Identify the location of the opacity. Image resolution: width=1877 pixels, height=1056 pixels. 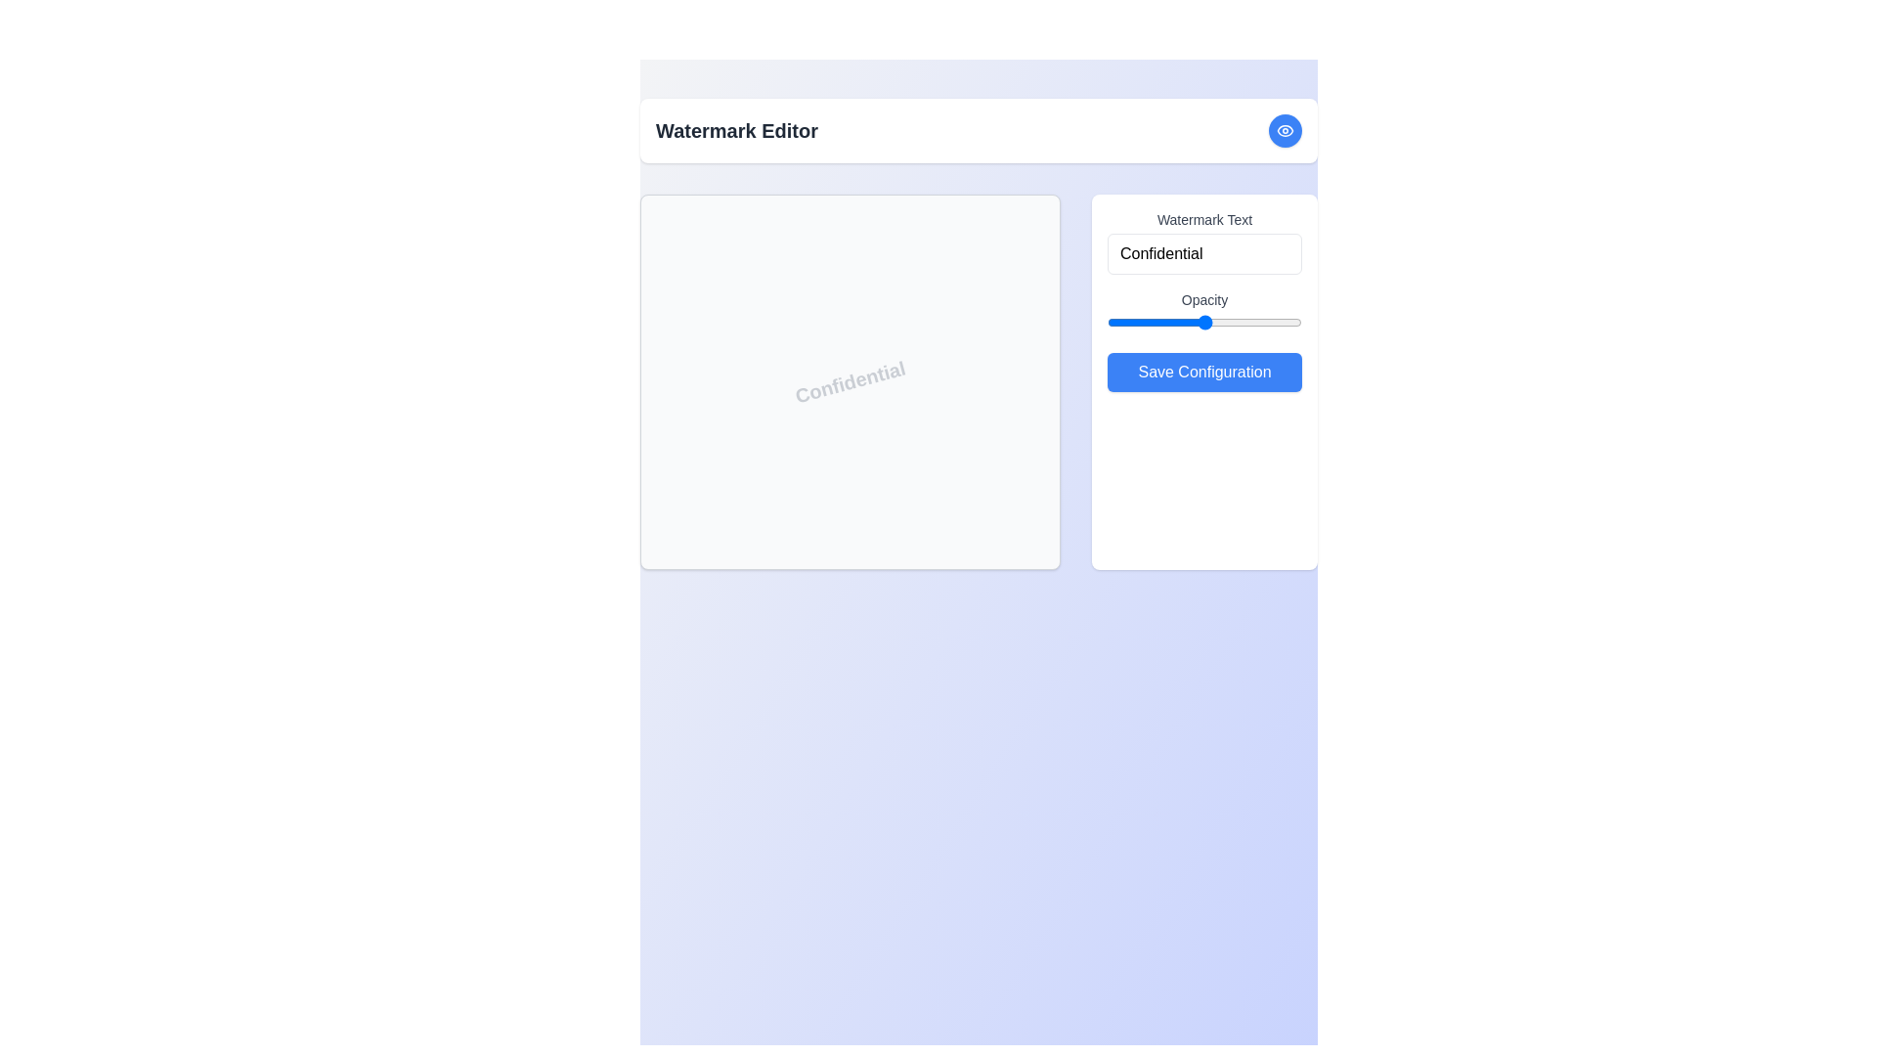
(1107, 322).